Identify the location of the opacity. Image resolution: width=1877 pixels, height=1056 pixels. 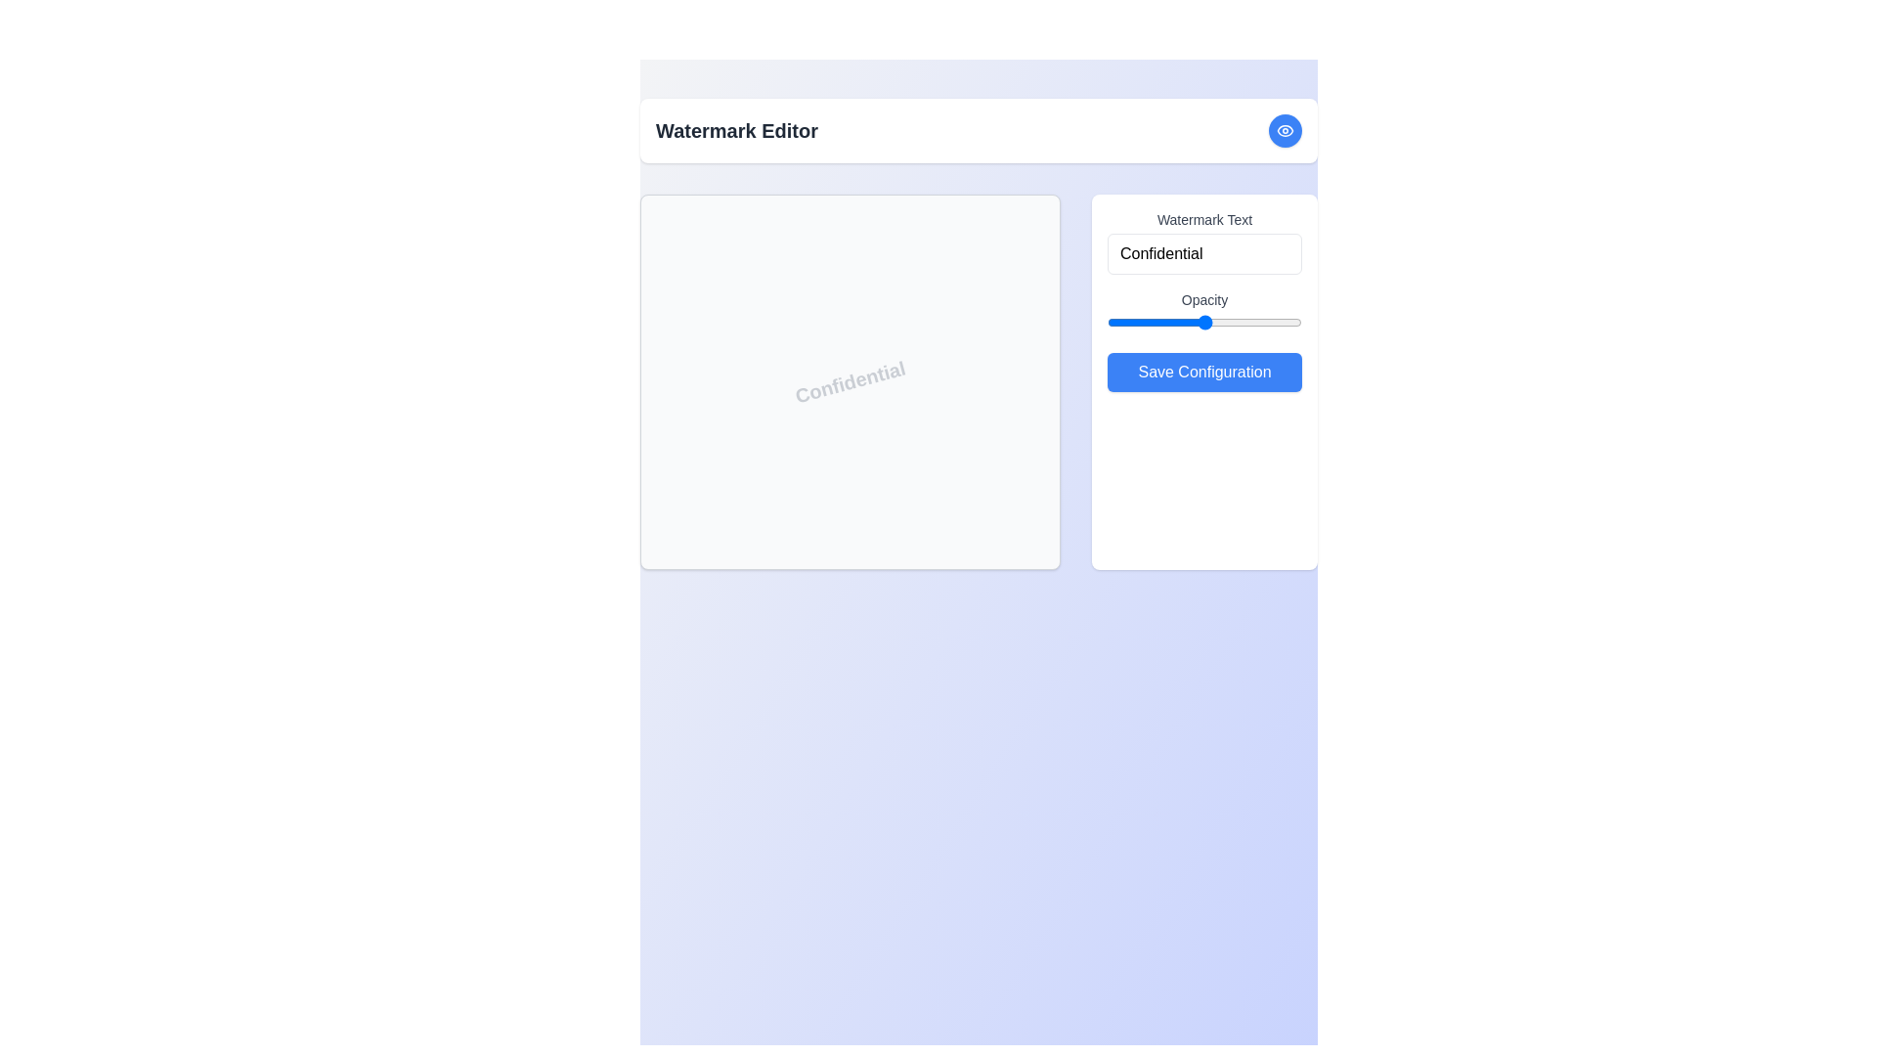
(1107, 322).